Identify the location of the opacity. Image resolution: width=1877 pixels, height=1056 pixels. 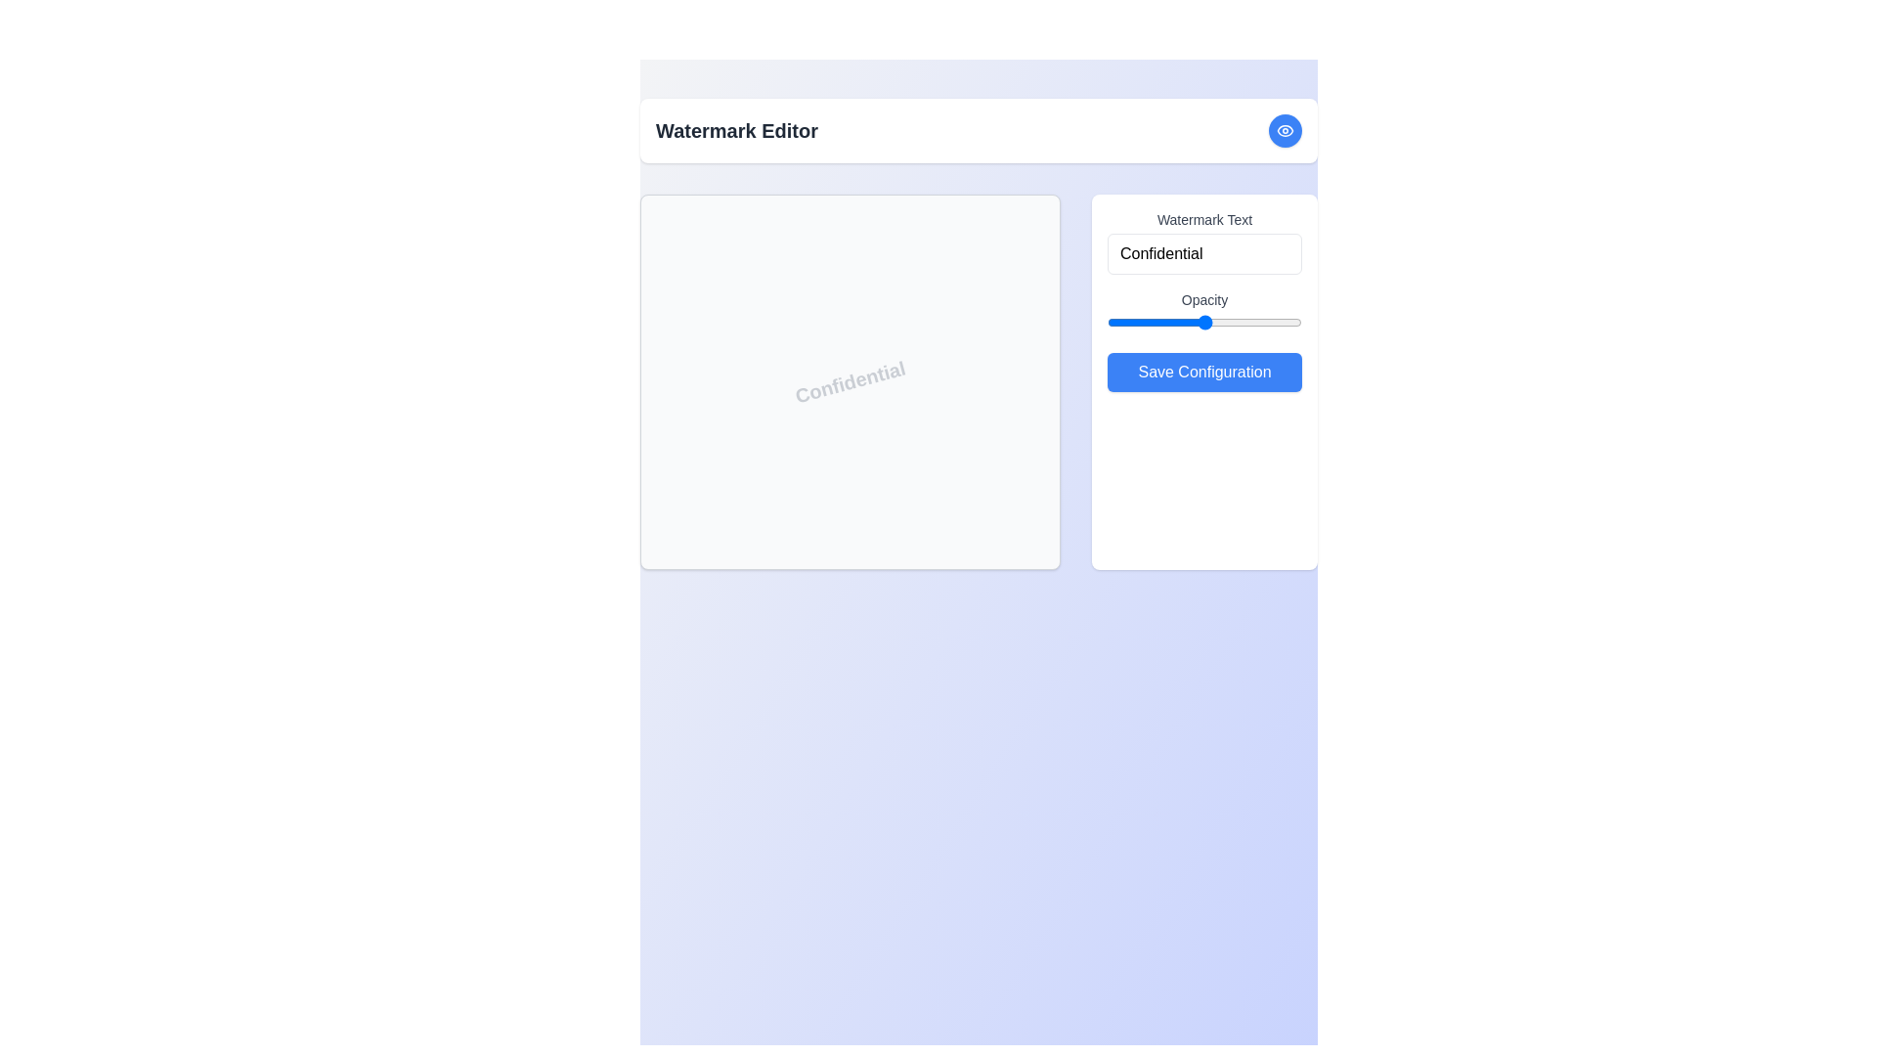
(1107, 322).